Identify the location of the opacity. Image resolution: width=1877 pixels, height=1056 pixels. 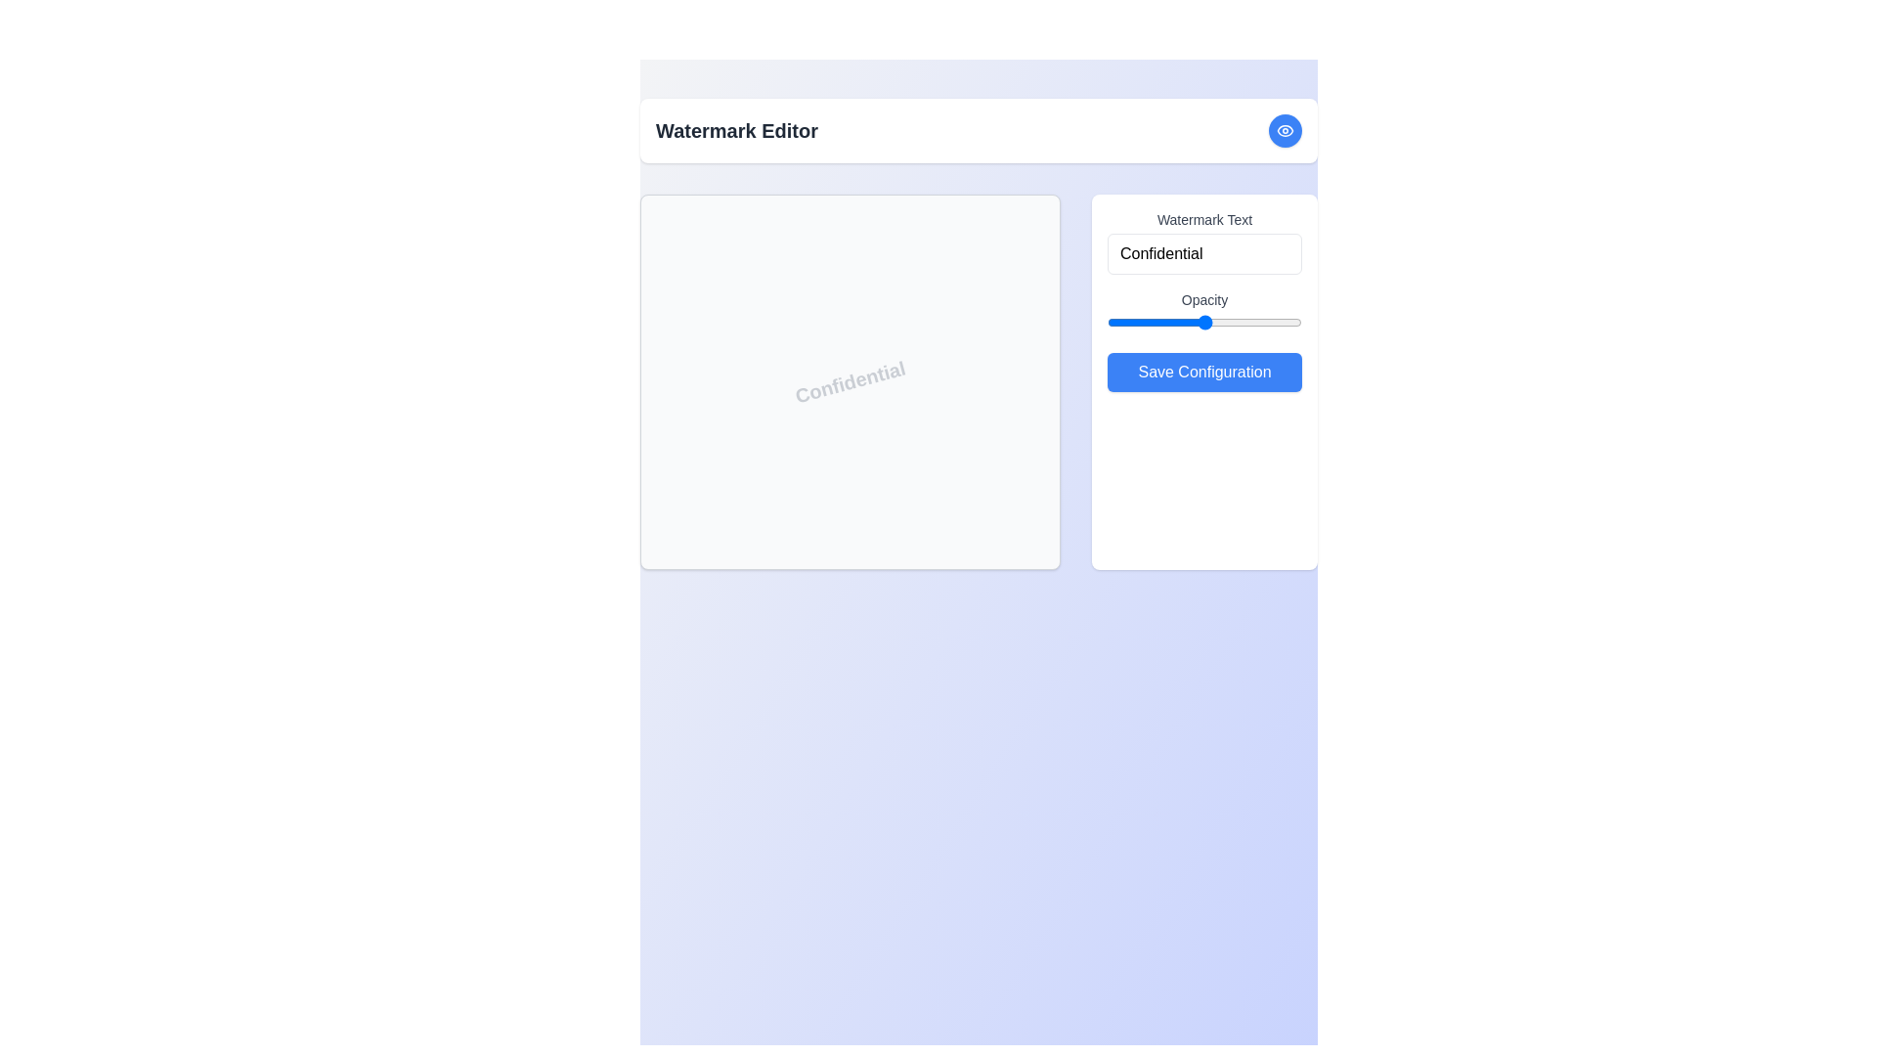
(1107, 322).